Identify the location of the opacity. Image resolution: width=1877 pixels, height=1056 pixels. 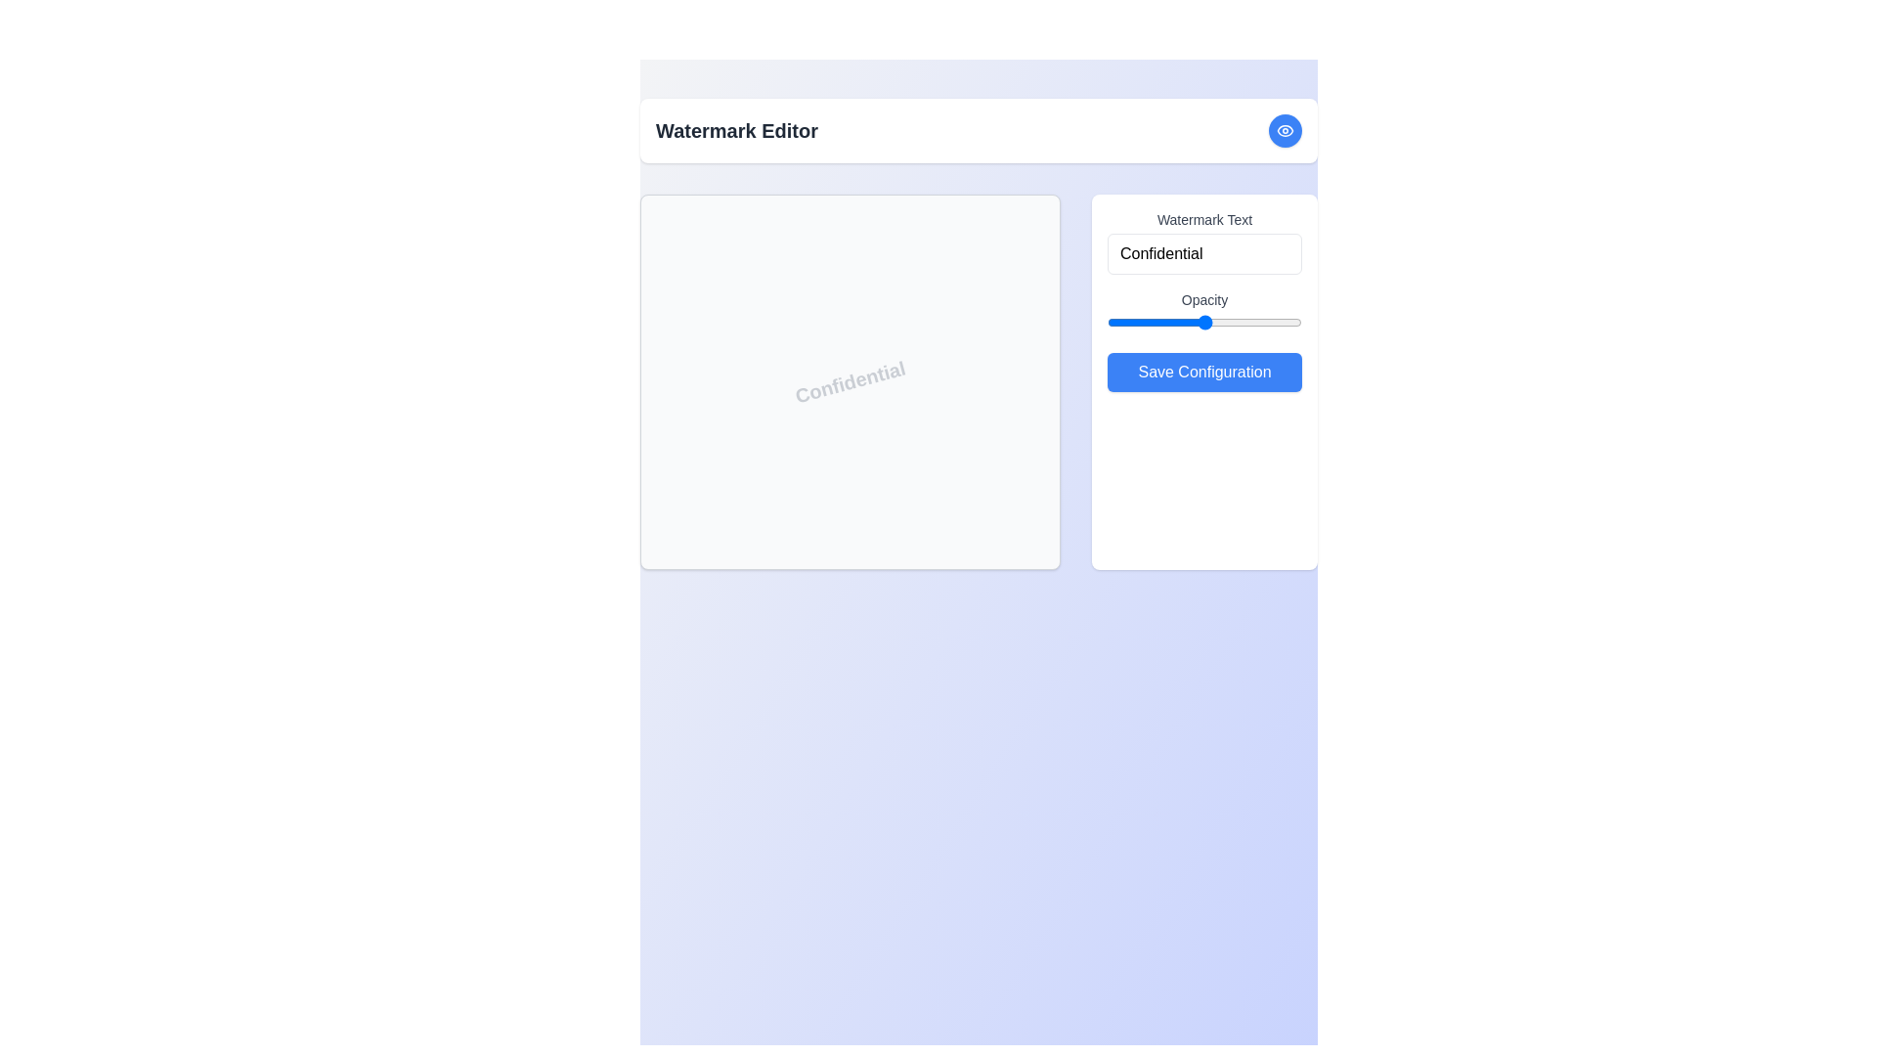
(1107, 322).